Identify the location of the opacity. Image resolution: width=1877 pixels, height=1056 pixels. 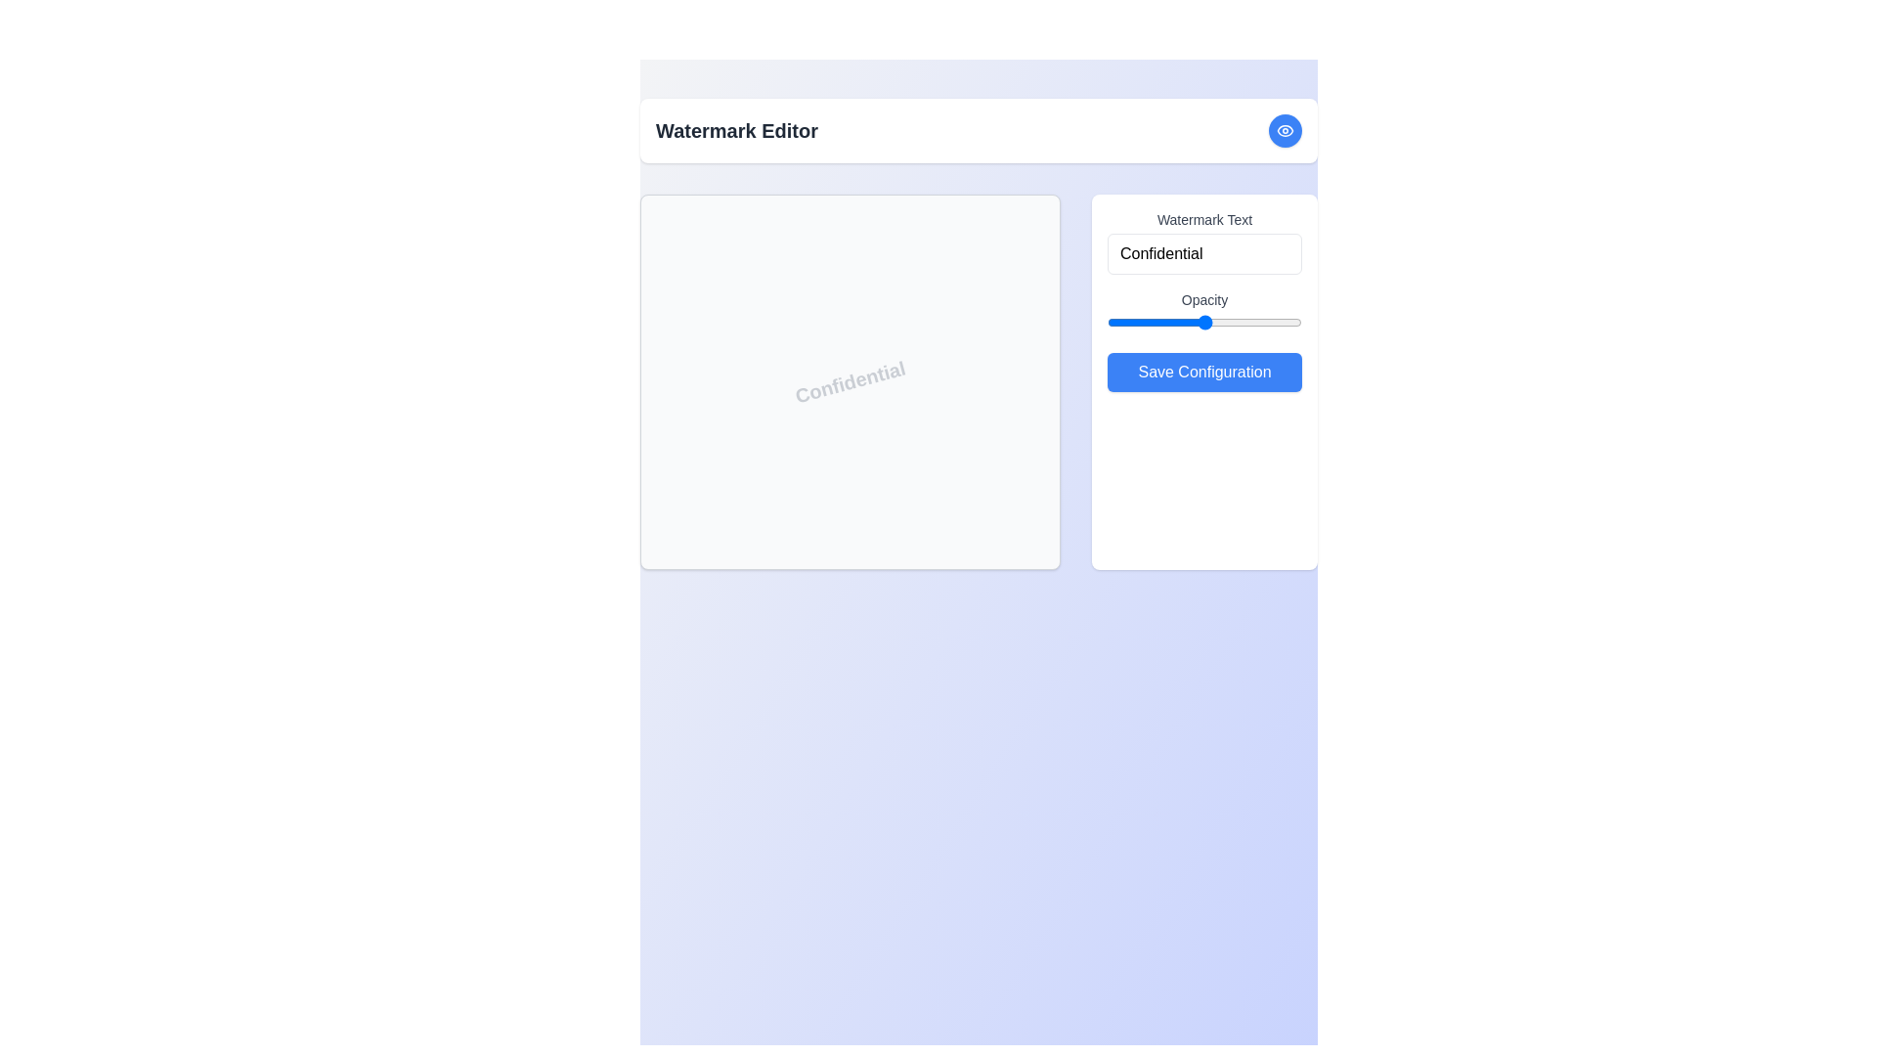
(1107, 322).